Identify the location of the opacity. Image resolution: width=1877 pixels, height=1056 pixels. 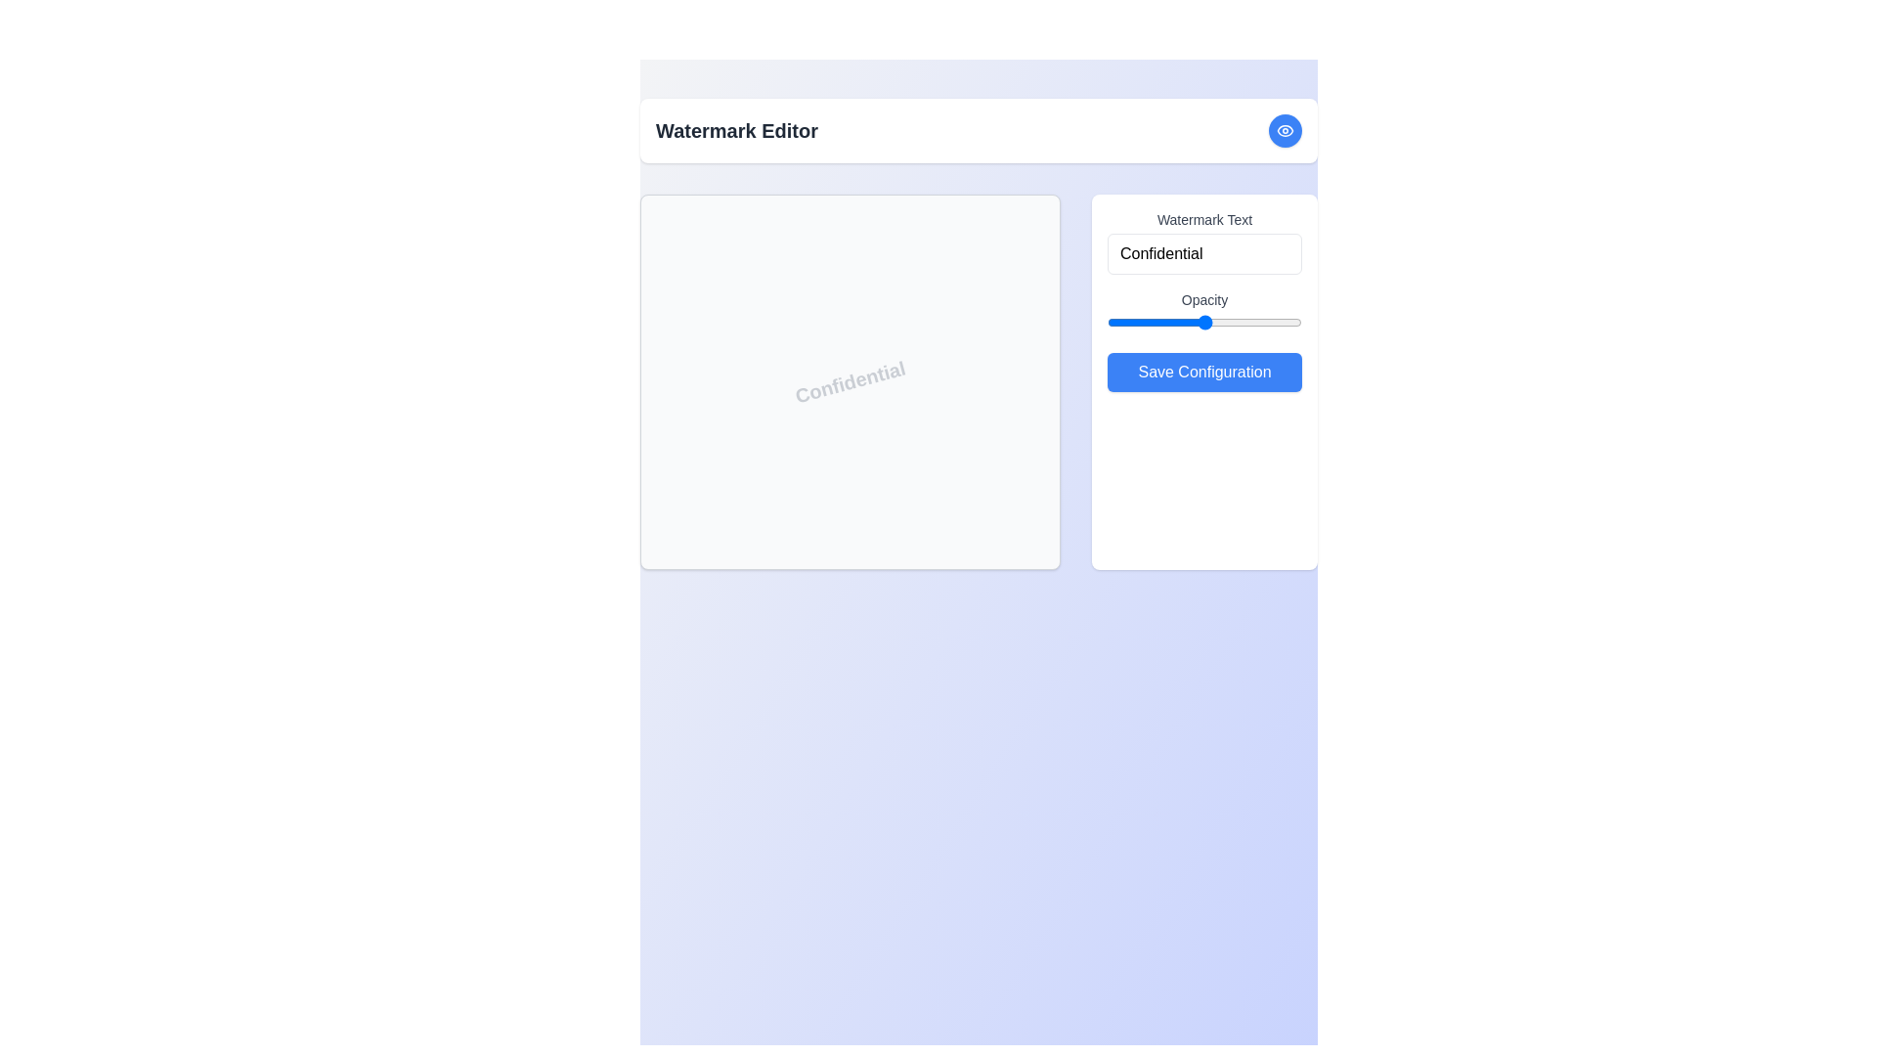
(1107, 322).